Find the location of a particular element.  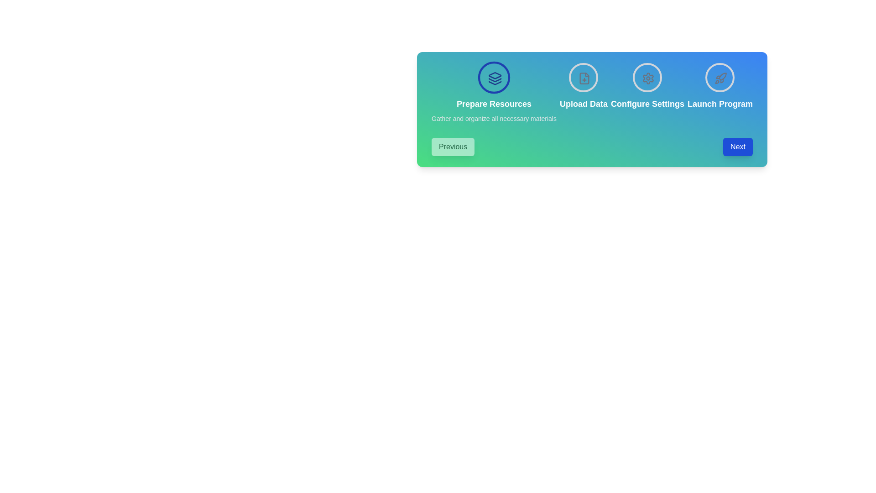

the step icon corresponding to Launch Program is located at coordinates (720, 77).